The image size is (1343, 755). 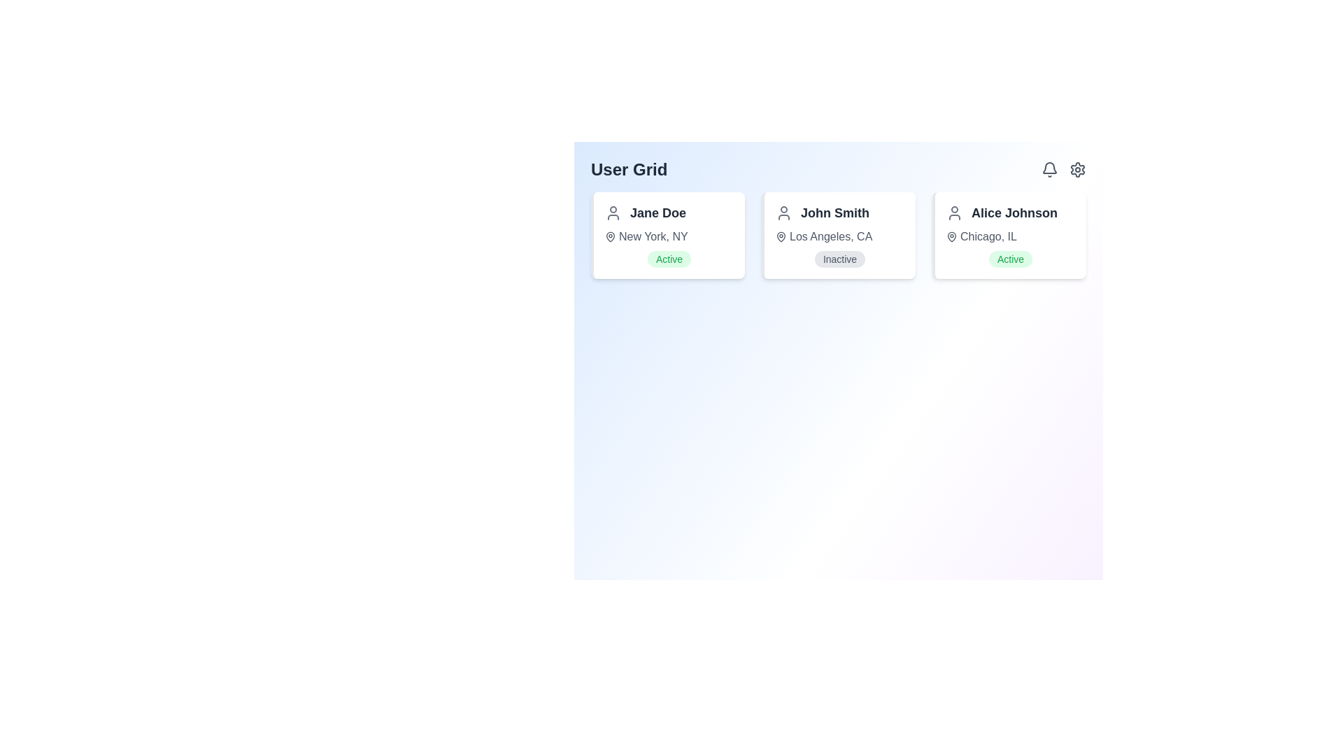 What do you see at coordinates (628, 169) in the screenshot?
I see `the static text element labeled 'User Grid', which is styled with a bold and large font size and located at the top-left corner of the user interface` at bounding box center [628, 169].